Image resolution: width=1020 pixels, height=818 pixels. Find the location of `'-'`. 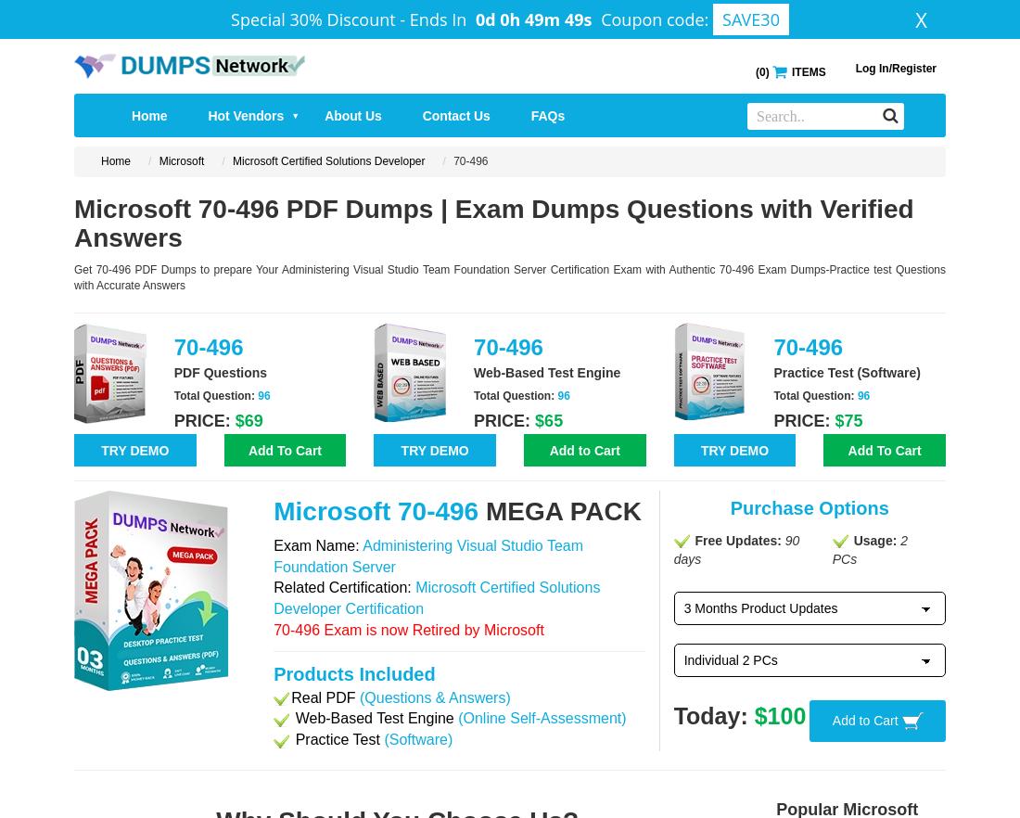

'-' is located at coordinates (401, 19).